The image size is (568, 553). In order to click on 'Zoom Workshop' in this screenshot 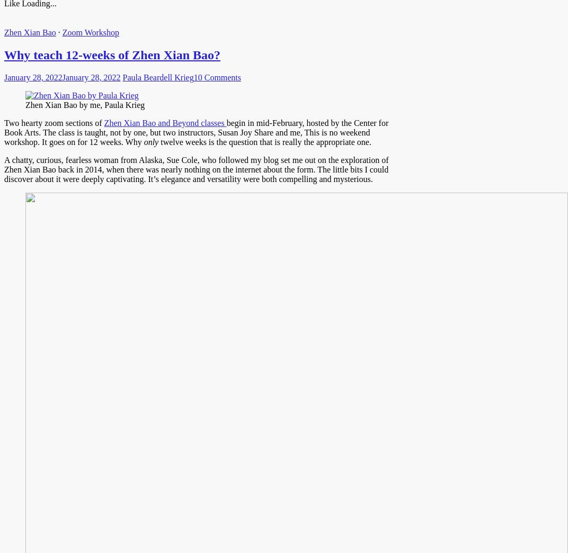, I will do `click(90, 32)`.